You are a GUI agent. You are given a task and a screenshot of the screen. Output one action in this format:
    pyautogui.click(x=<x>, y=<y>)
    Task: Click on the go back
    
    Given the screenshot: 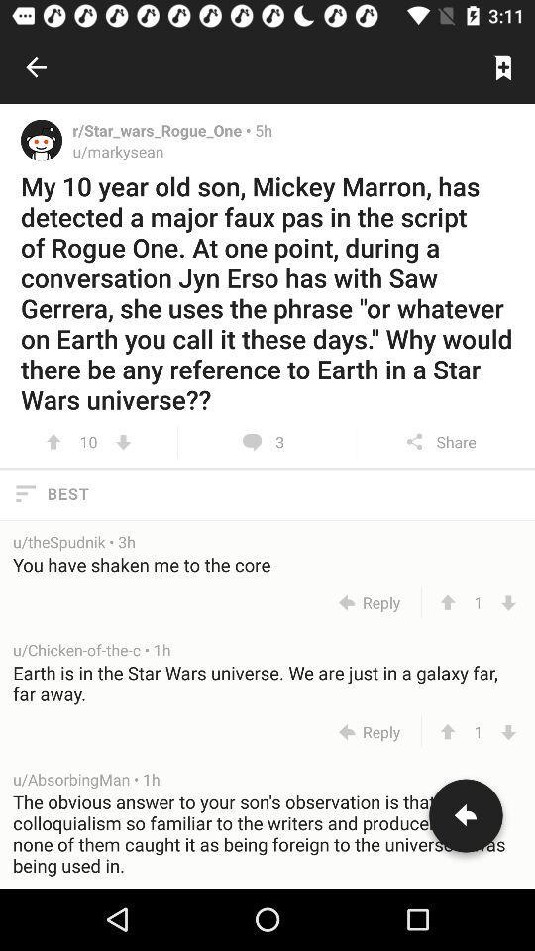 What is the action you would take?
    pyautogui.click(x=466, y=819)
    